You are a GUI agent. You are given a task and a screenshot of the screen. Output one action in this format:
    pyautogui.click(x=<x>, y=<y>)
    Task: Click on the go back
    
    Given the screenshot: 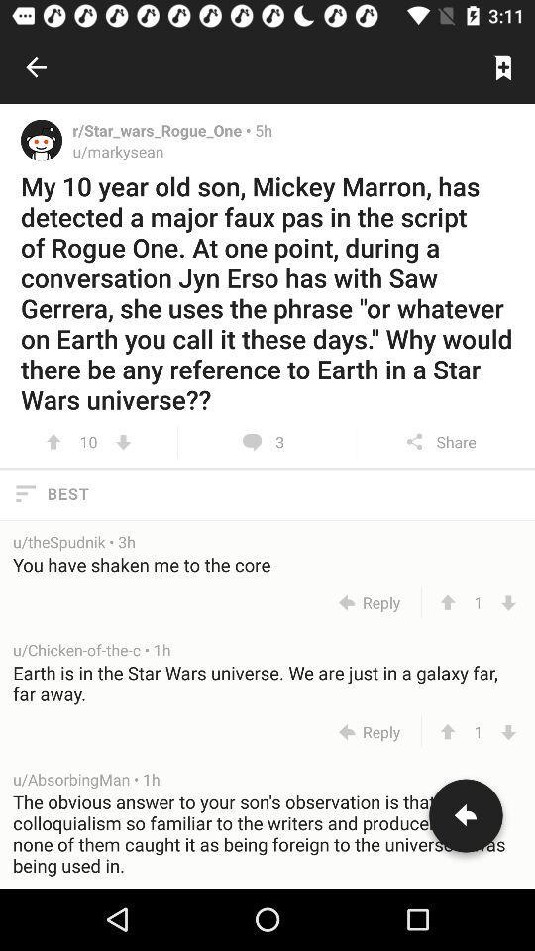 What is the action you would take?
    pyautogui.click(x=466, y=819)
    